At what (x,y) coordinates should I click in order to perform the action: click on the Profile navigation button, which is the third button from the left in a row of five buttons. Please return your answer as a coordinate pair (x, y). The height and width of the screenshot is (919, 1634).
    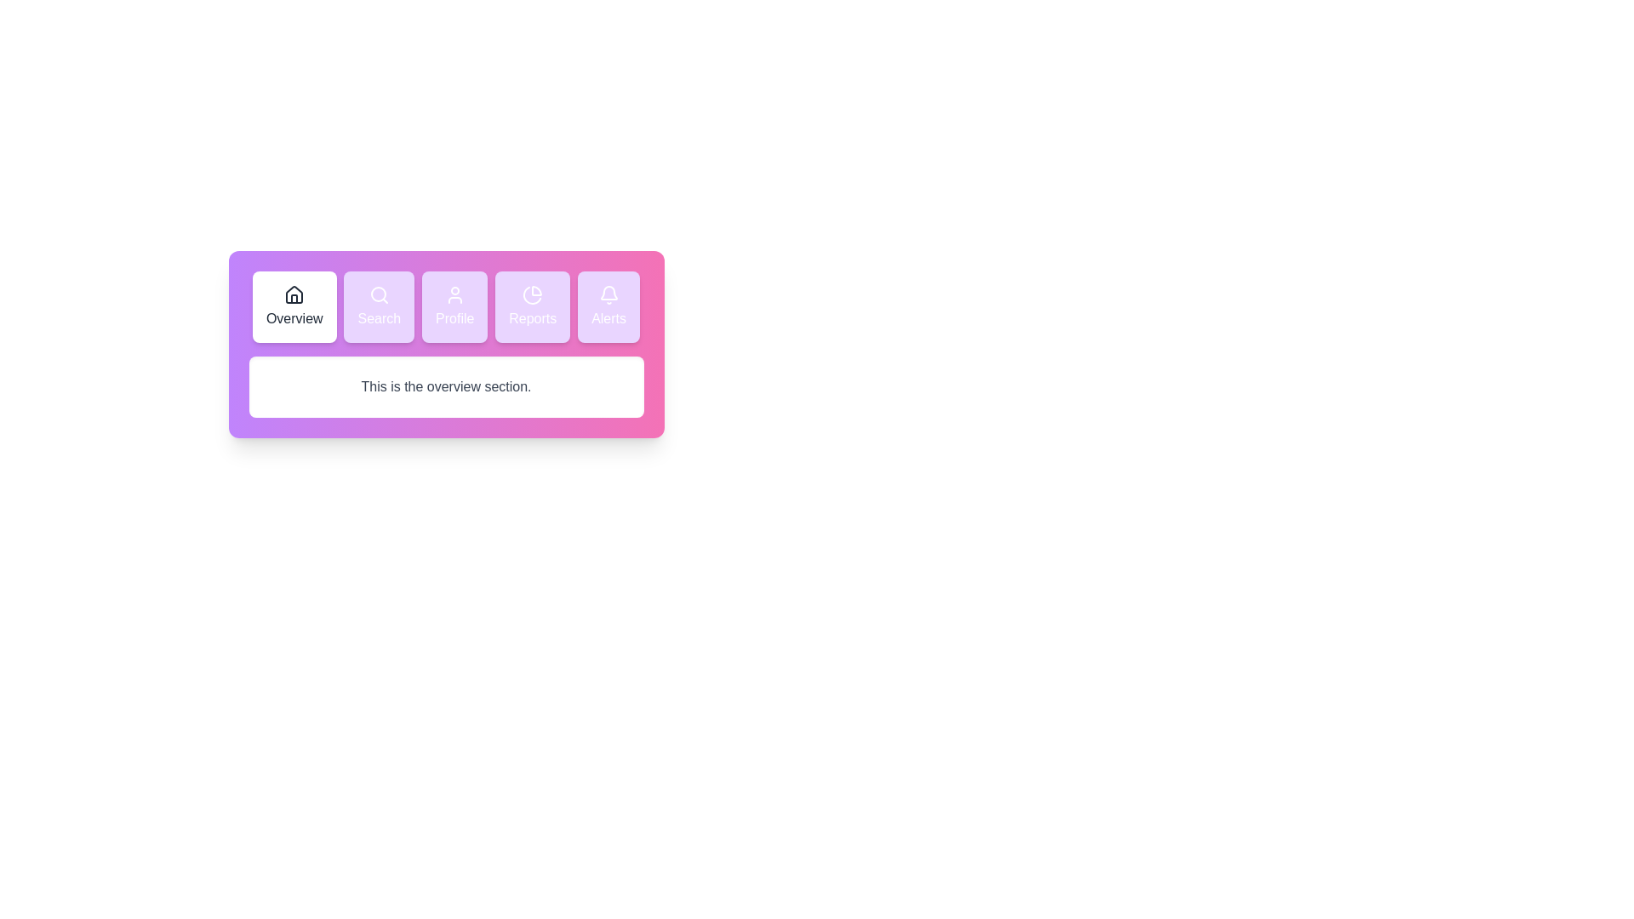
    Looking at the image, I should click on (454, 307).